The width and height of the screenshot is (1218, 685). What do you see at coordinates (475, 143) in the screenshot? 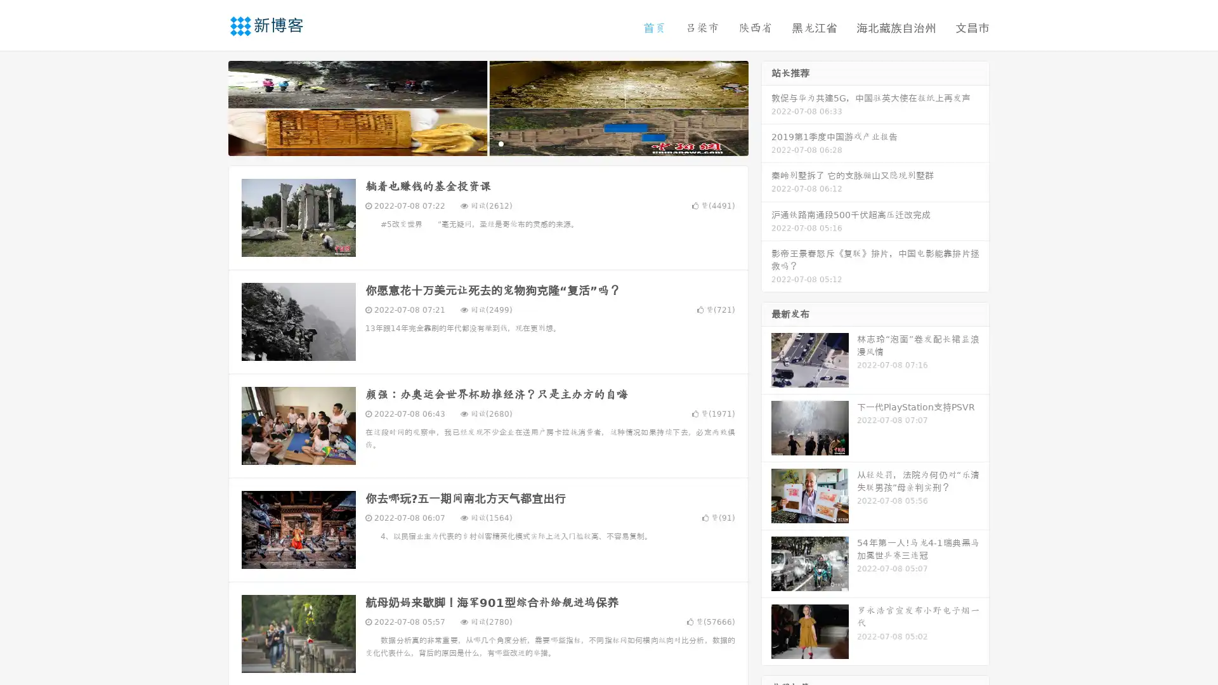
I see `Go to slide 1` at bounding box center [475, 143].